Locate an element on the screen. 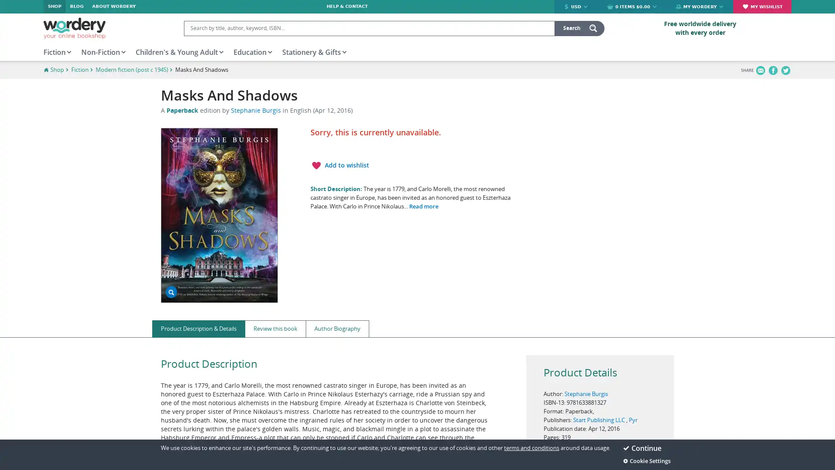  Add to wishlist is located at coordinates (339, 165).